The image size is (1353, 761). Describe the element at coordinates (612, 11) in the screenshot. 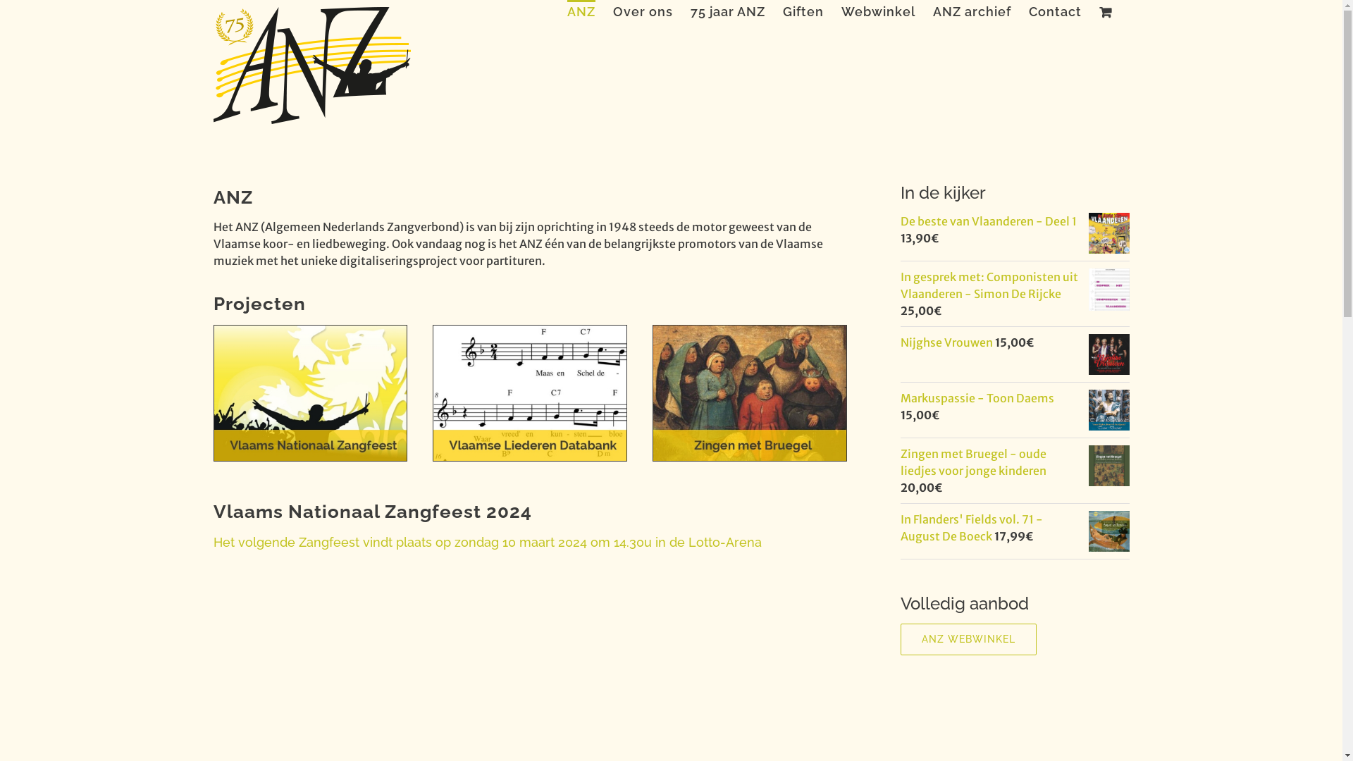

I see `'Over ons'` at that location.